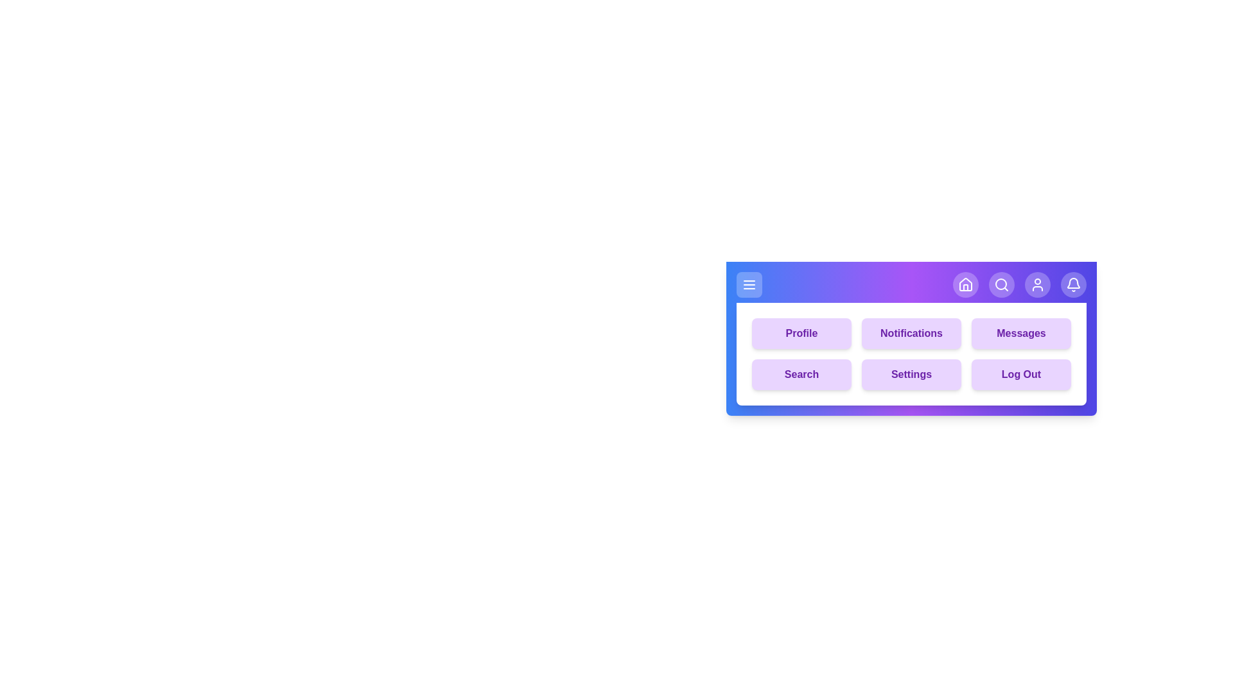 Image resolution: width=1233 pixels, height=693 pixels. Describe the element at coordinates (1001, 284) in the screenshot. I see `the search icon in the navigation bar` at that location.